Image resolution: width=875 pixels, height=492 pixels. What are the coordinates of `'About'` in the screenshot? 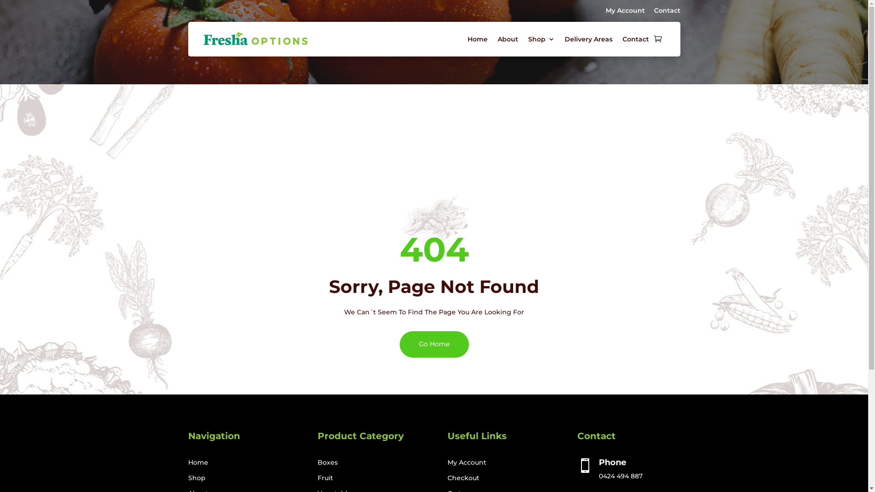 It's located at (507, 38).